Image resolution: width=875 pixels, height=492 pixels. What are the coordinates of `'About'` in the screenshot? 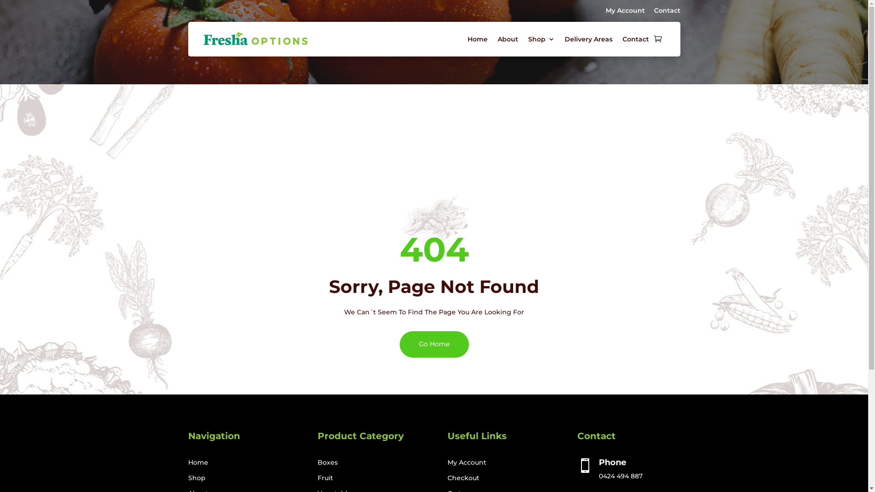 It's located at (507, 38).